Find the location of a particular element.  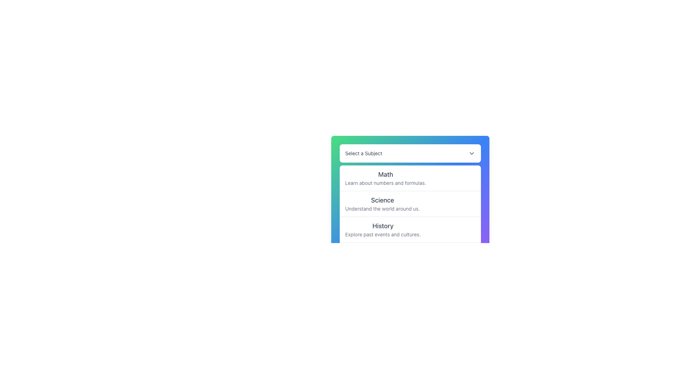

the 'Science' subject title in the list of selectable subjects is located at coordinates (382, 200).